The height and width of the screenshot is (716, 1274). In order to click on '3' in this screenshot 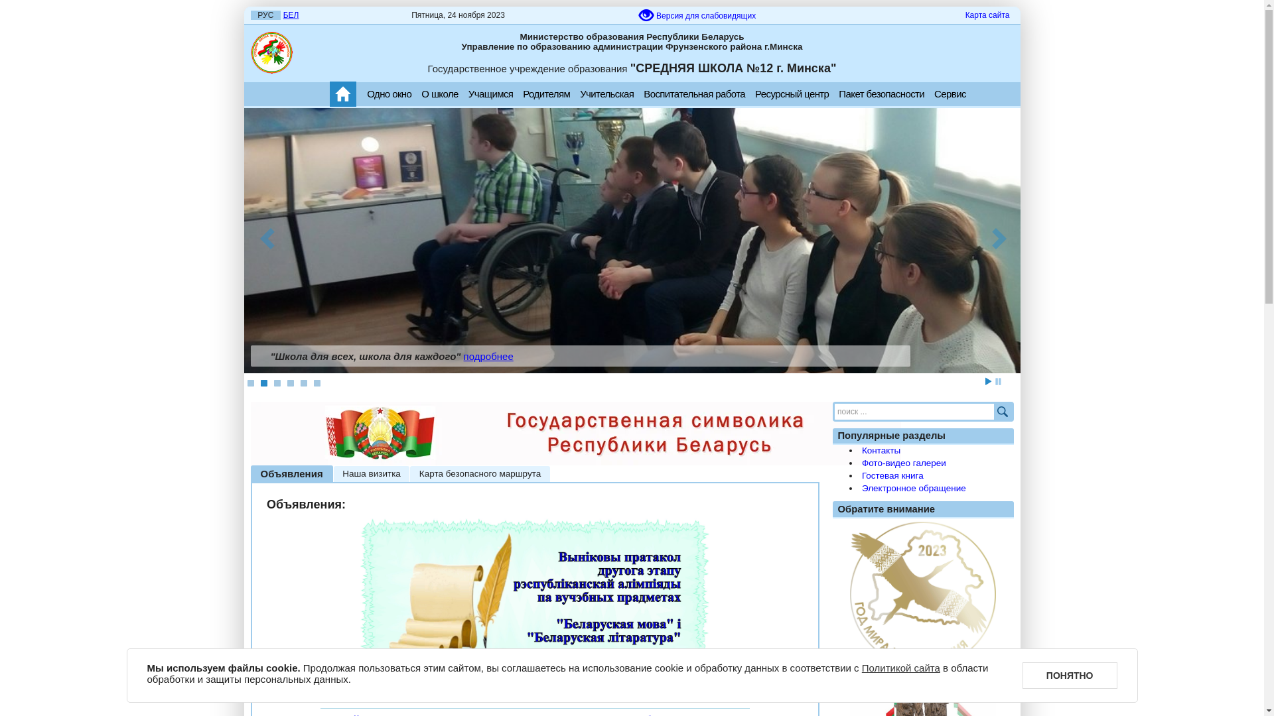, I will do `click(276, 383)`.